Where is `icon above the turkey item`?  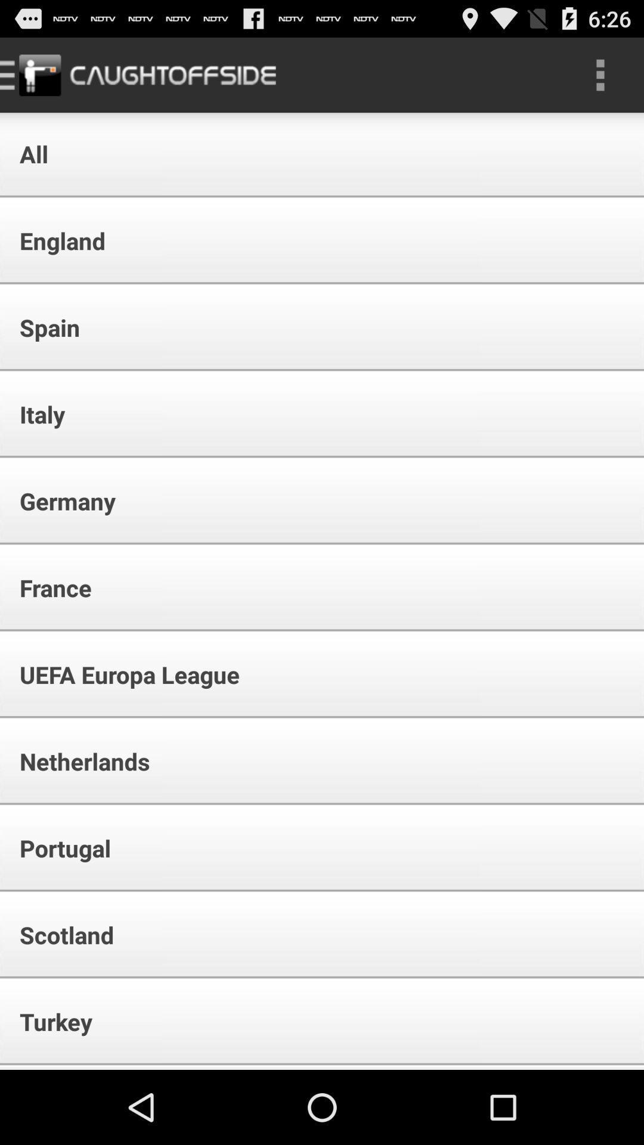 icon above the turkey item is located at coordinates (59, 934).